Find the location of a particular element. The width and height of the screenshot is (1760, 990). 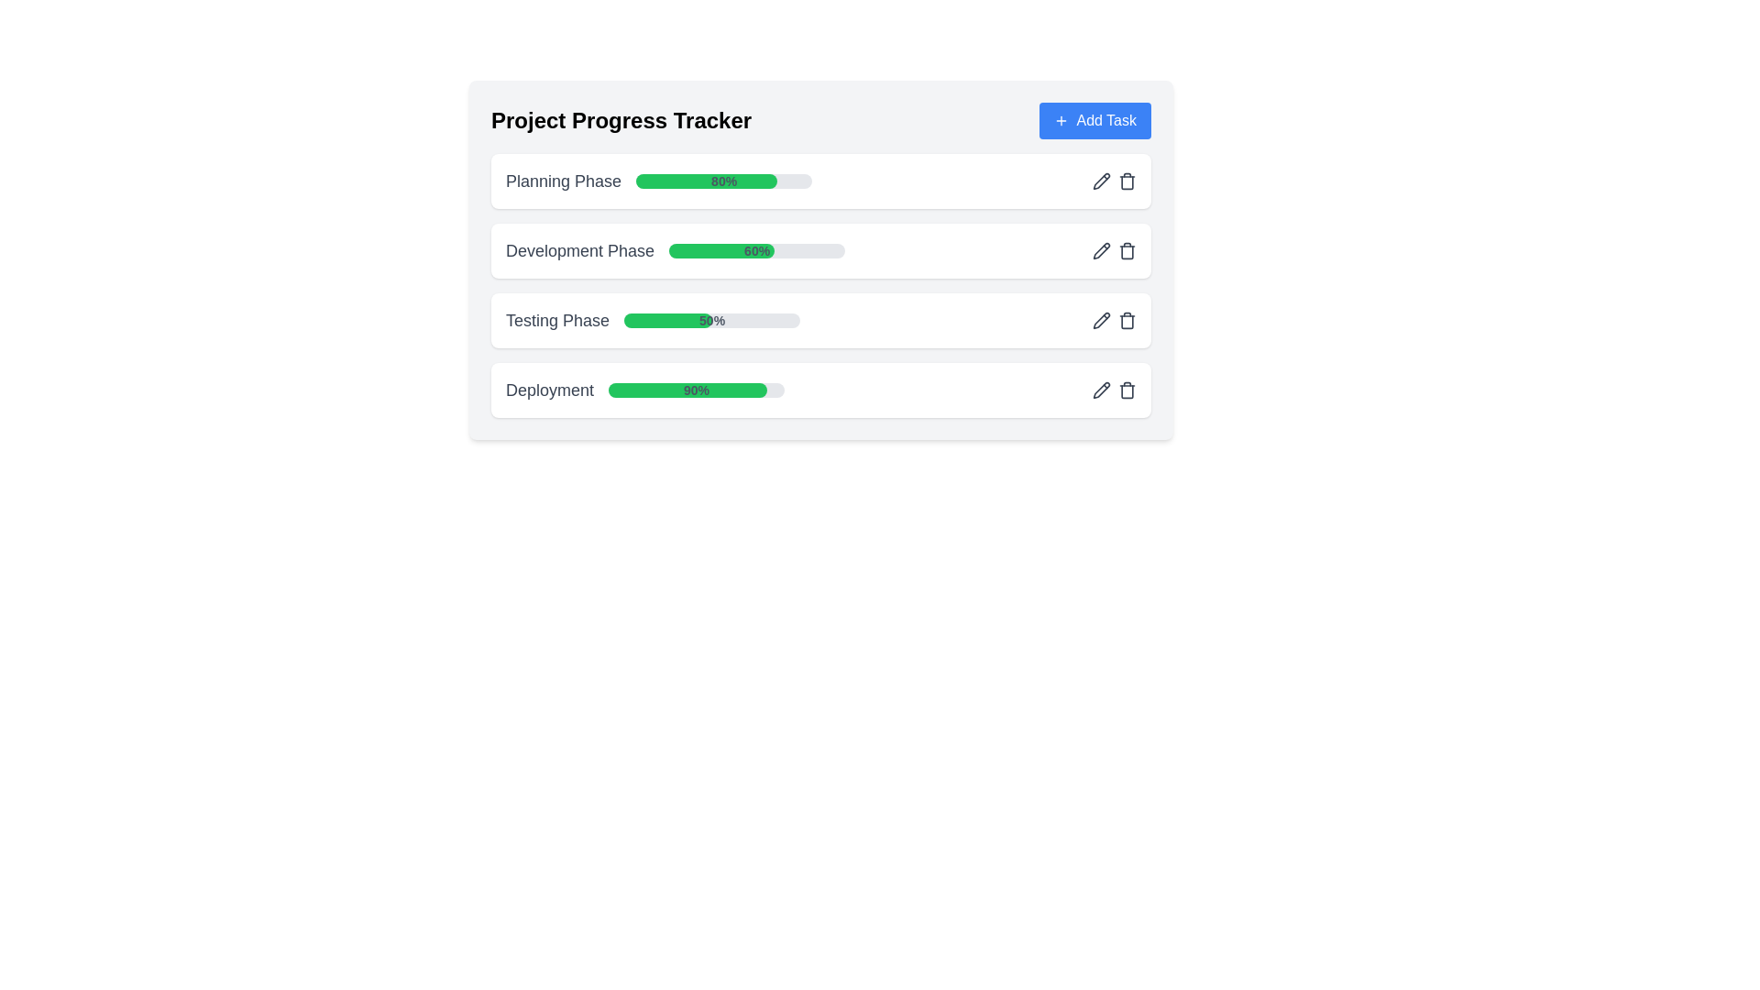

the 'Edit Task' button located in the control section of a task row, to the left of the delete icon, to modify the associated task is located at coordinates (1100, 389).